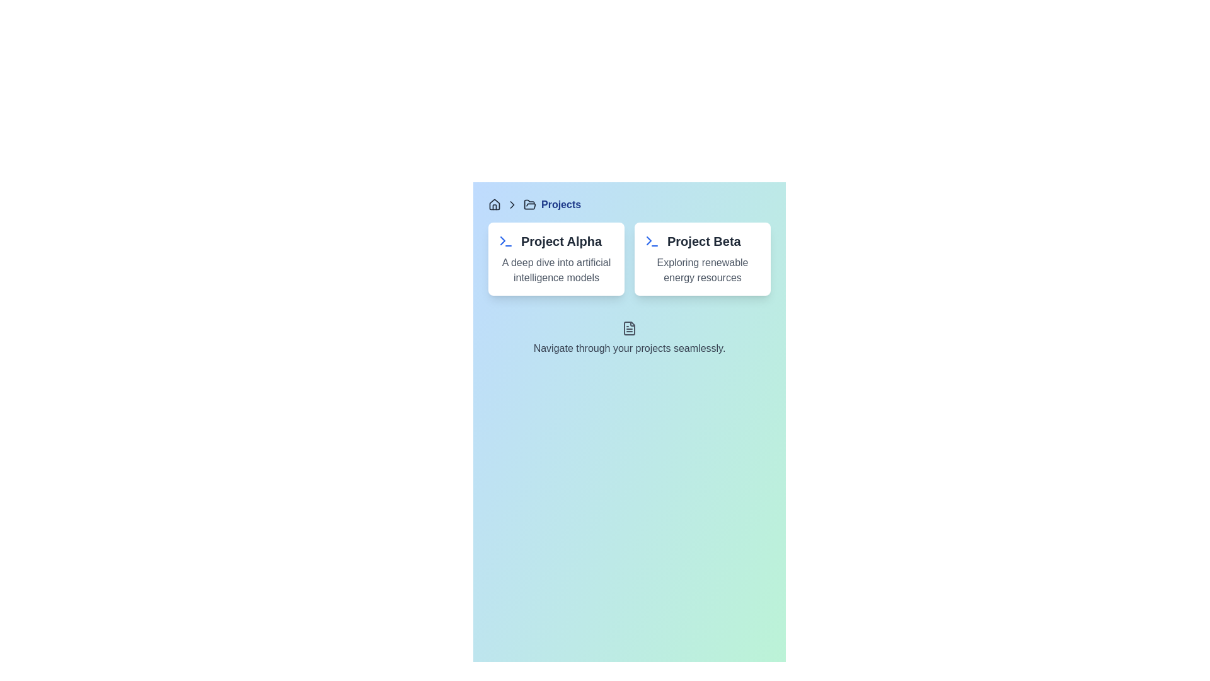  I want to click on the terminal-like icon styled in blue with sharp edges, located on the left side of the 'Project Beta' card, so click(652, 241).